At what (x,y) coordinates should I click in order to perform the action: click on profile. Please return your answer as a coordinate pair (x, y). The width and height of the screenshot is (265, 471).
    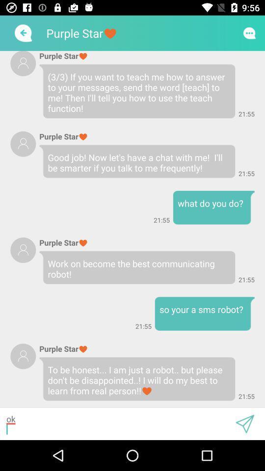
    Looking at the image, I should click on (23, 63).